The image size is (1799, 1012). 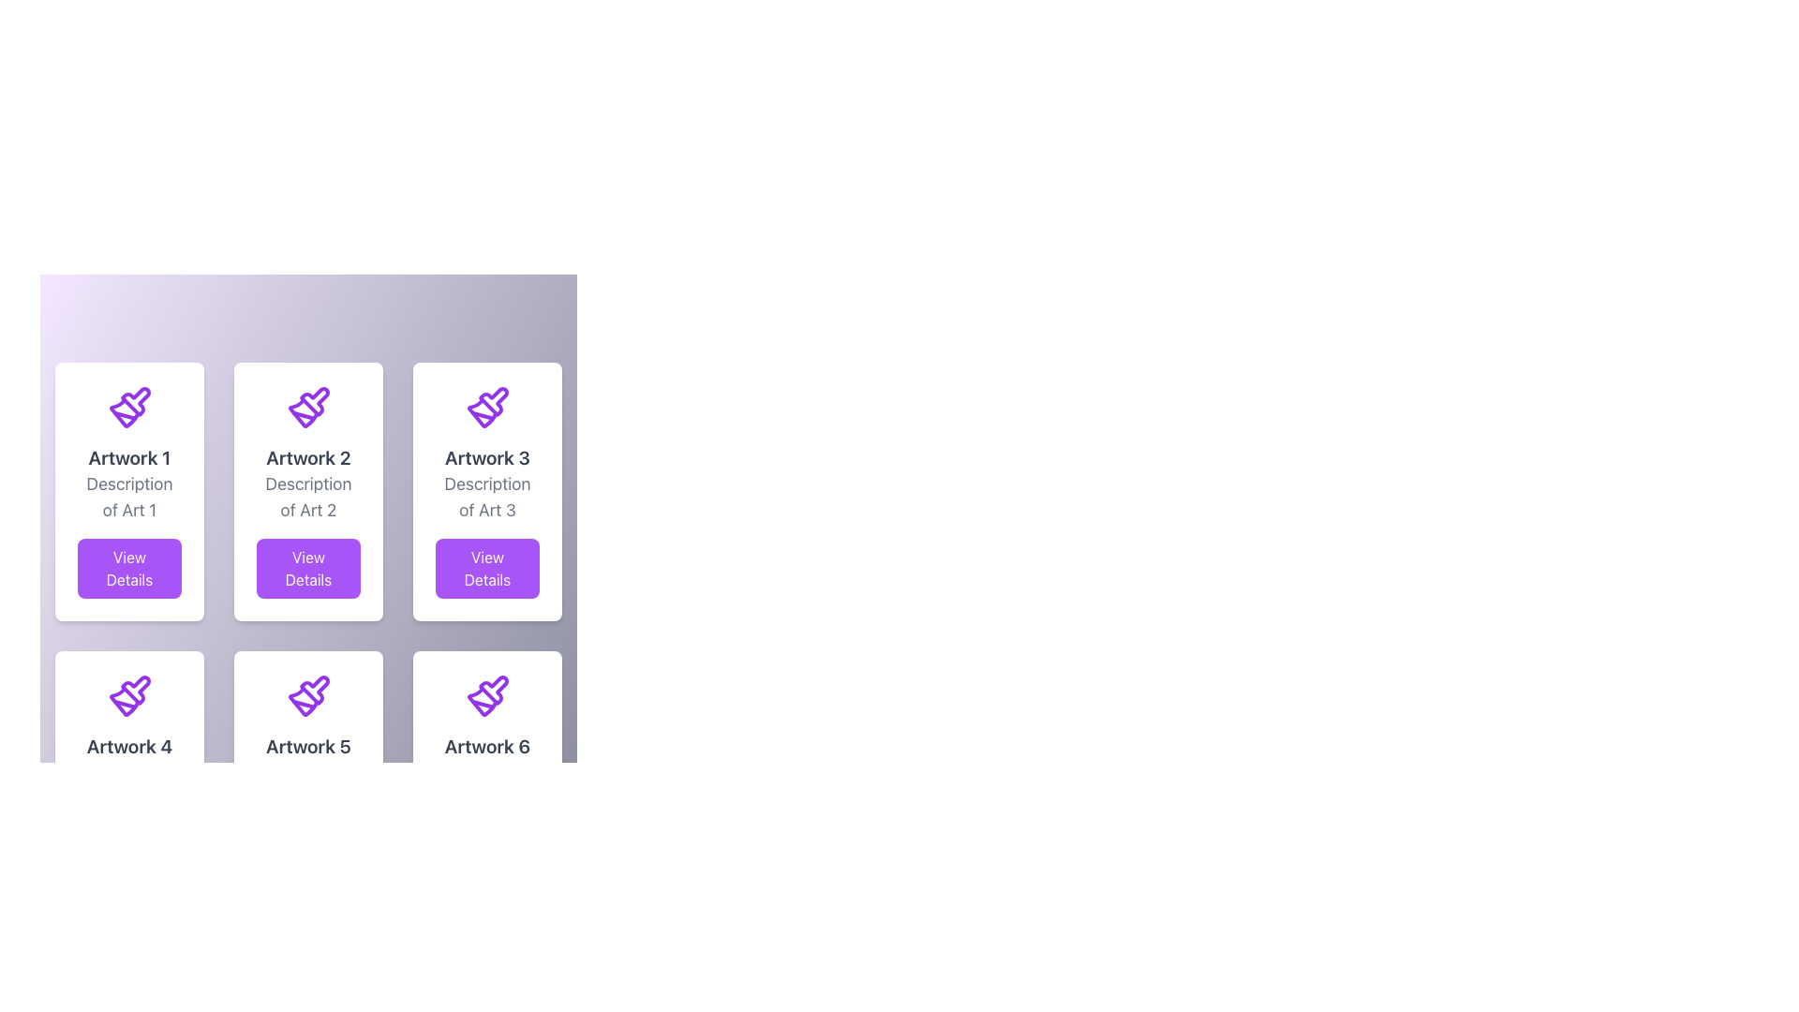 What do you see at coordinates (128, 458) in the screenshot?
I see `text label displaying the title or heading of the first card in the grid layout, located below a purple icon and above the description text and the 'View Details' button` at bounding box center [128, 458].